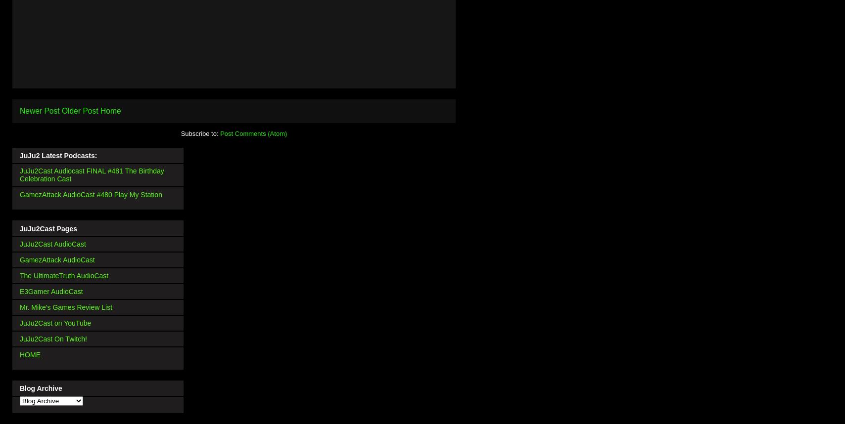 The image size is (845, 424). What do you see at coordinates (51, 291) in the screenshot?
I see `'E3Gamer AudioCast'` at bounding box center [51, 291].